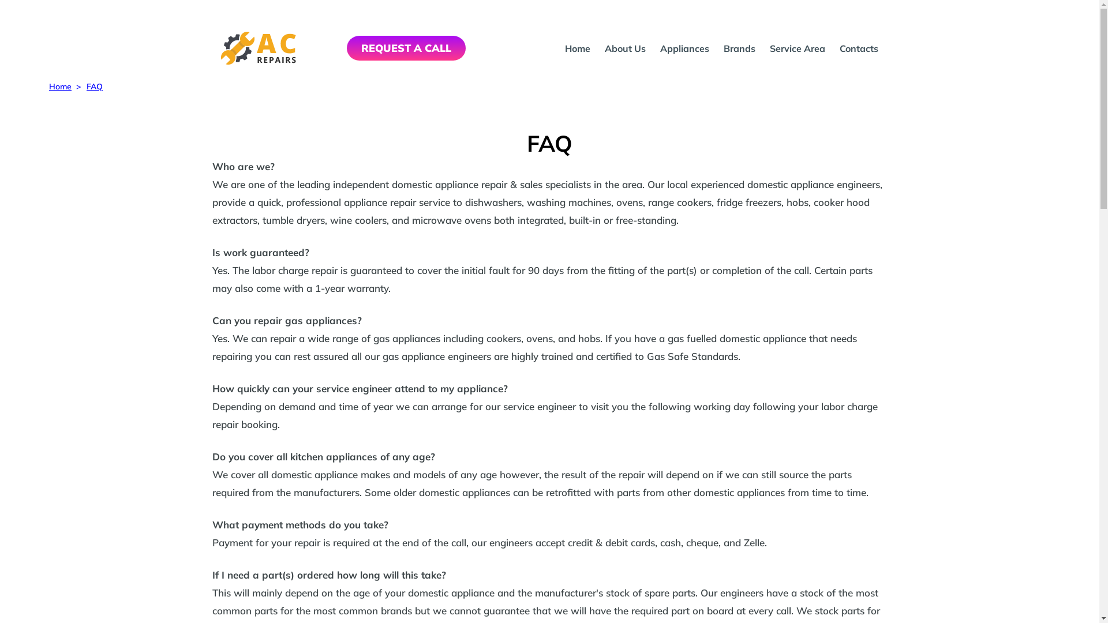 The image size is (1108, 623). I want to click on 'Service Area', so click(770, 48).